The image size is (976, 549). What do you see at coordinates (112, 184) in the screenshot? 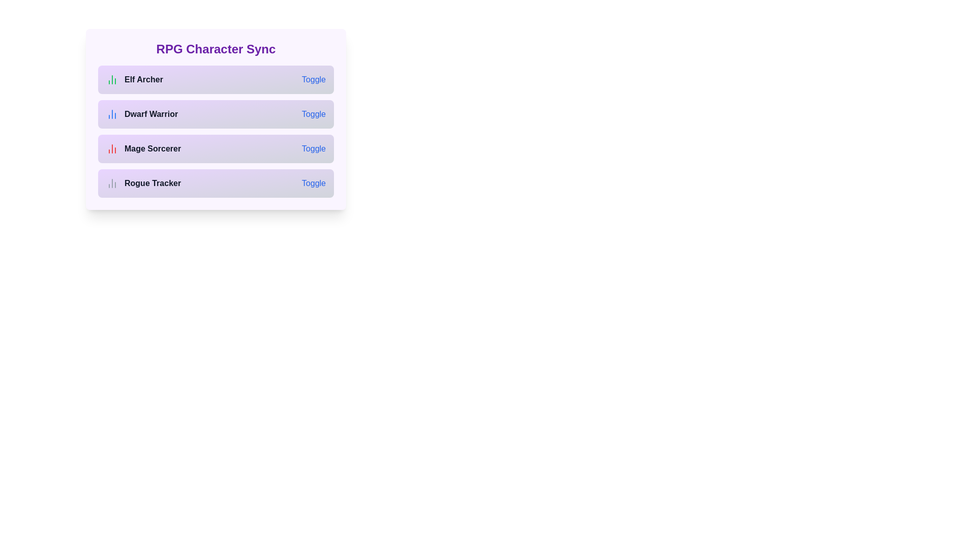
I see `the column chart icon located to the left of the 'Rogue Tracker' label in the list of items` at bounding box center [112, 184].